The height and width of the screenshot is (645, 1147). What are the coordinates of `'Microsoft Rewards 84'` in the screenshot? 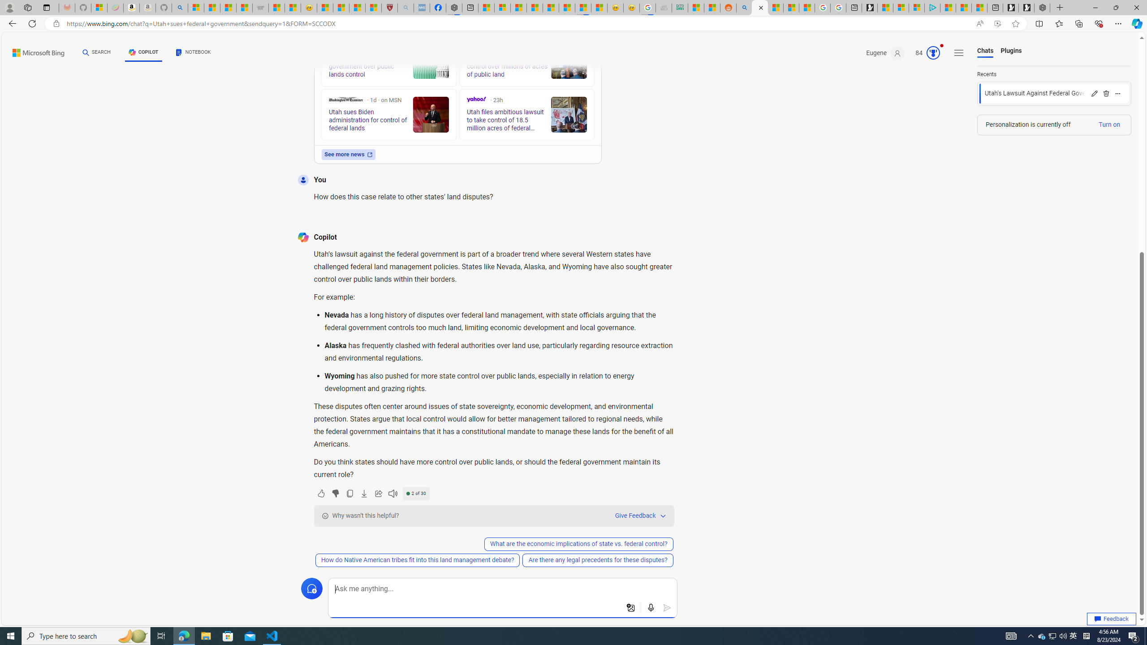 It's located at (924, 53).